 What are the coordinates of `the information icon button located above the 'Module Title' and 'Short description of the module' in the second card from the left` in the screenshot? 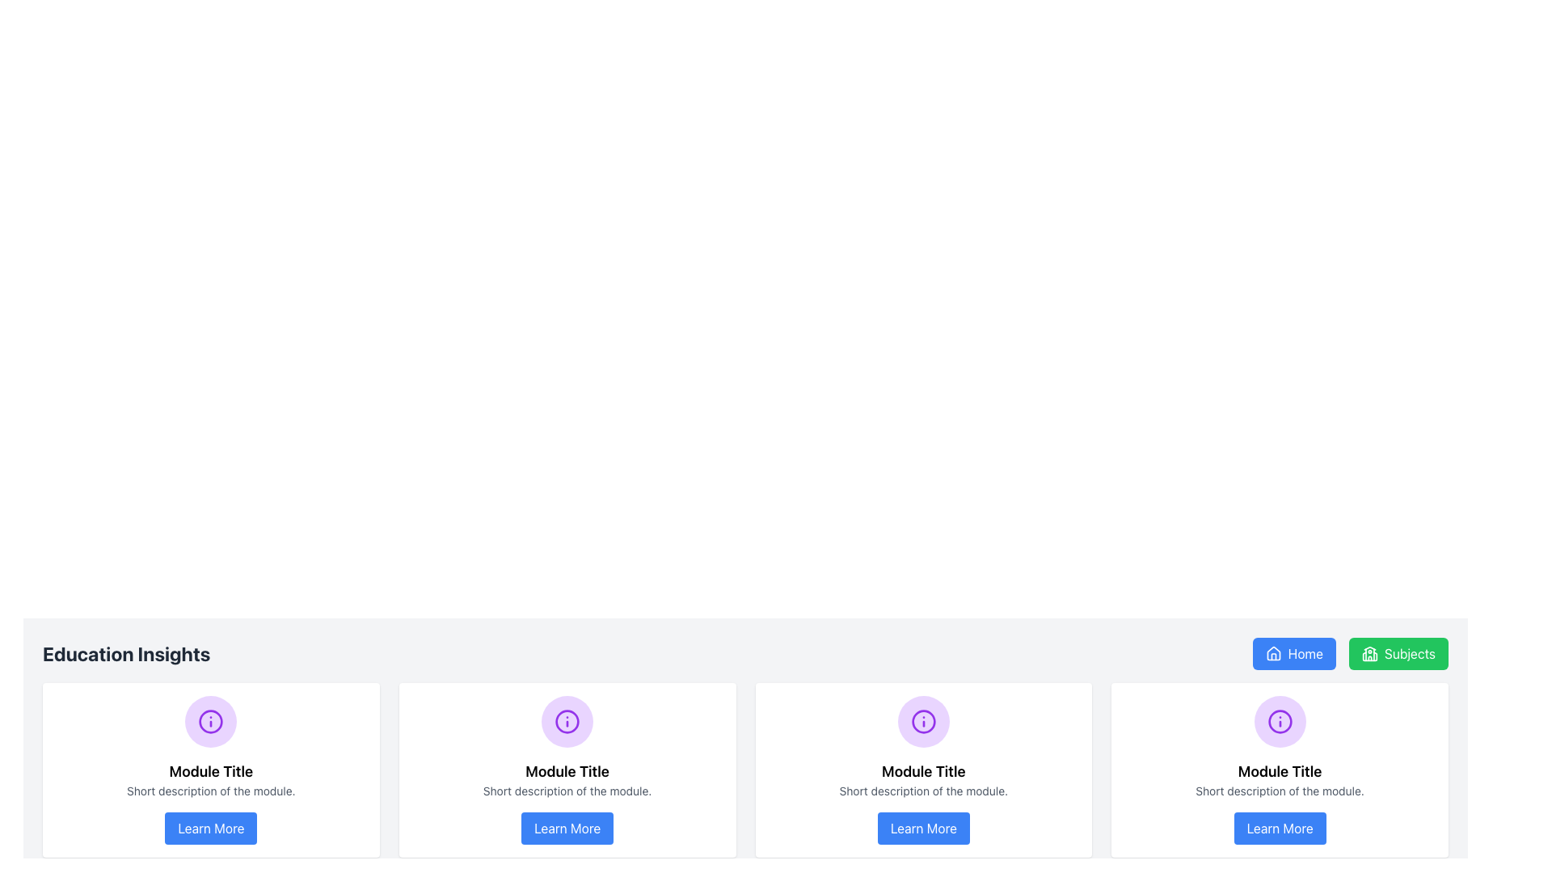 It's located at (567, 721).